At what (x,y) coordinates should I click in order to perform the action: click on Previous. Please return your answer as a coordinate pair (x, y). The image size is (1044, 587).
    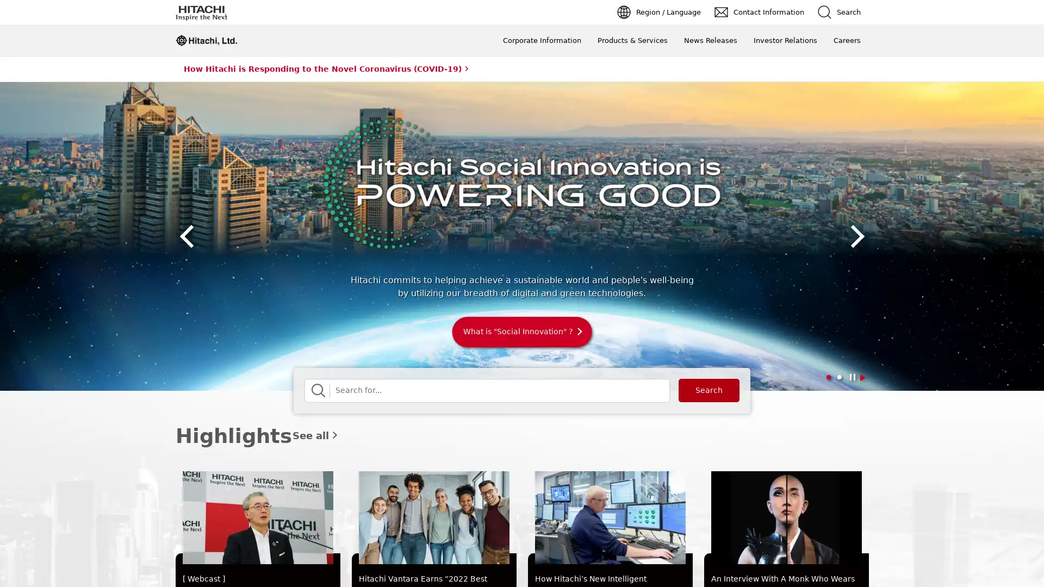
    Looking at the image, I should click on (188, 236).